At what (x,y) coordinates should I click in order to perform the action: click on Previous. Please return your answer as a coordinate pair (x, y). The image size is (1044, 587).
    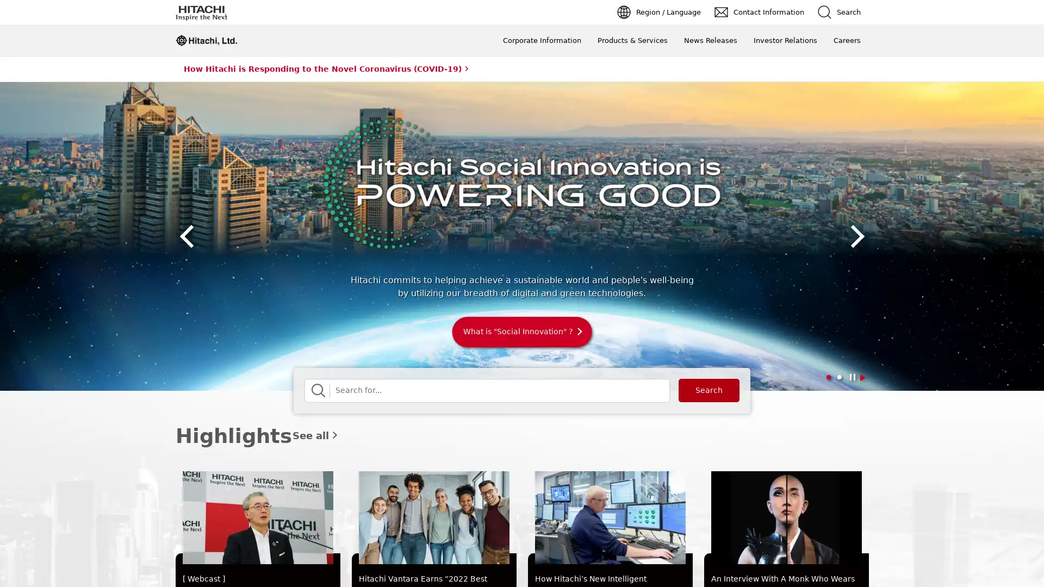
    Looking at the image, I should click on (188, 236).